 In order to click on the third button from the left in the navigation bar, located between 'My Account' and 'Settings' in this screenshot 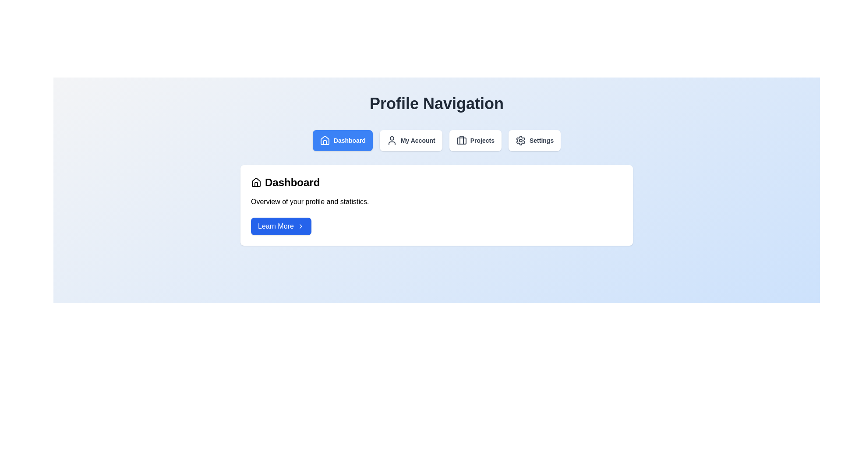, I will do `click(475, 140)`.